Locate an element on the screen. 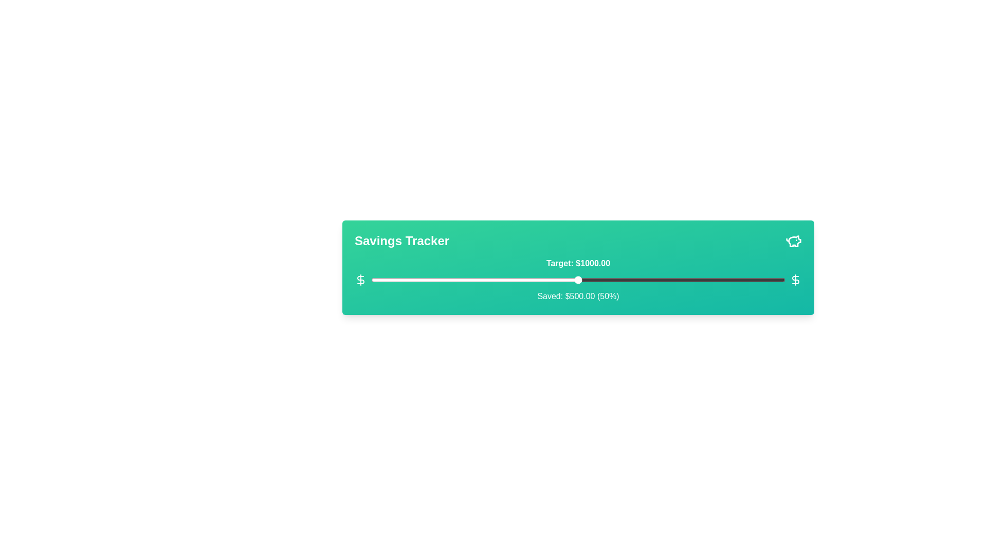 The width and height of the screenshot is (987, 555). the savings tracker is located at coordinates (739, 280).